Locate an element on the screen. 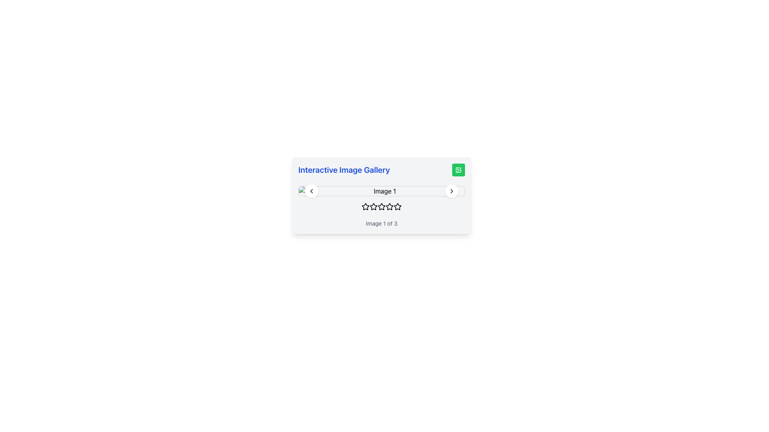 Image resolution: width=769 pixels, height=432 pixels. the third star icon in the 5-star rating system, which is located near the bottom center of the card is located at coordinates (381, 206).